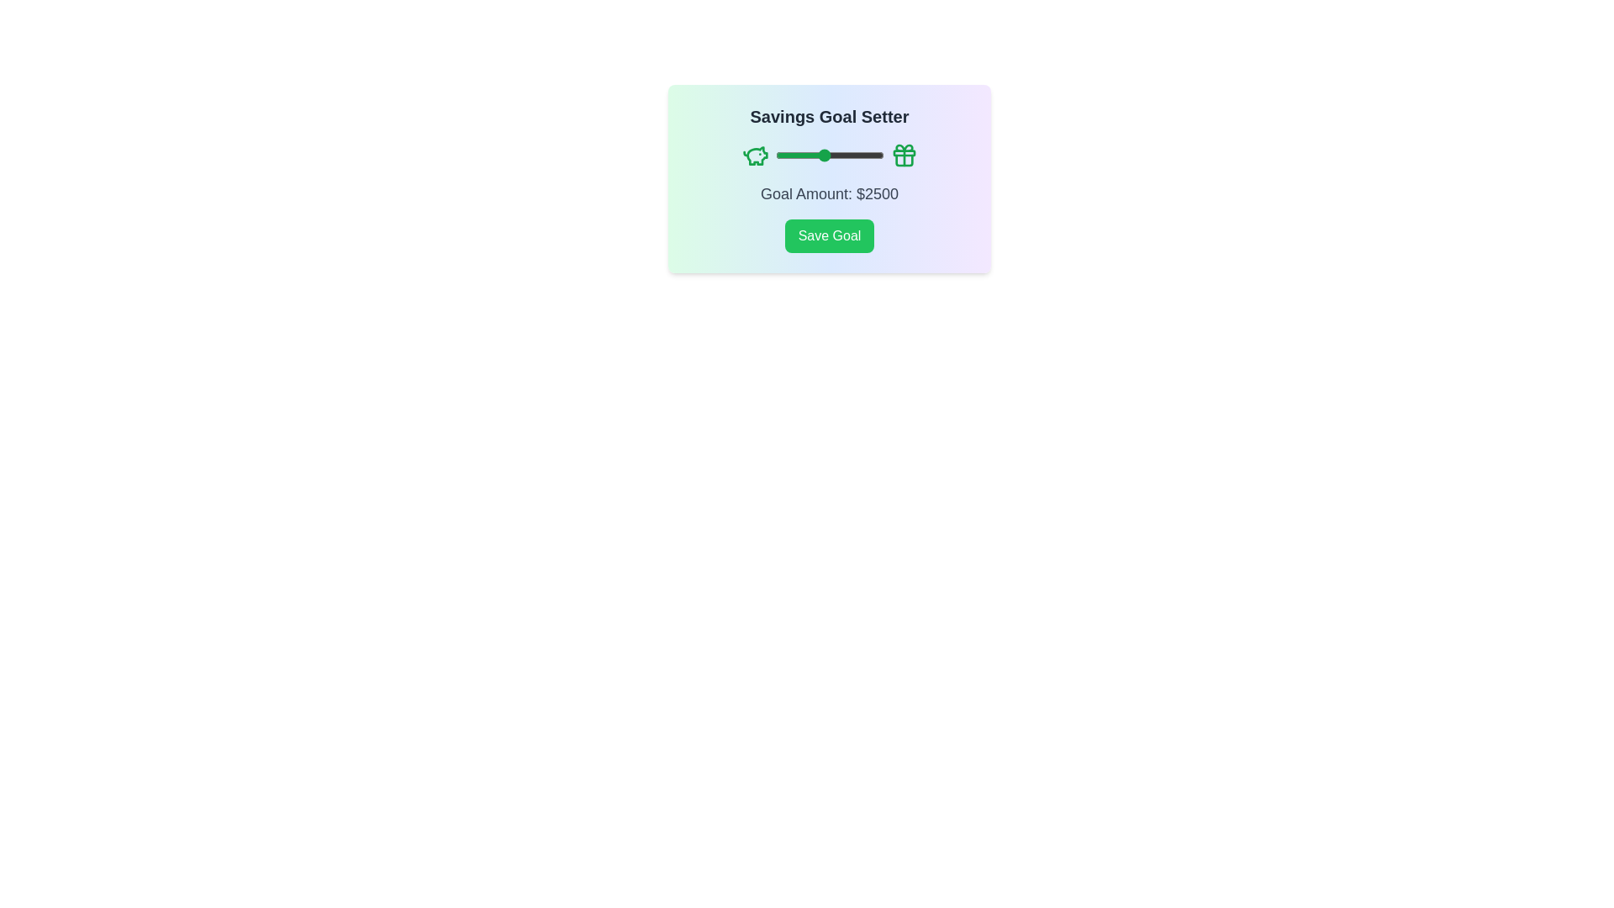 This screenshot has width=1614, height=908. I want to click on the slider to set the goal amount to 3030, so click(836, 156).